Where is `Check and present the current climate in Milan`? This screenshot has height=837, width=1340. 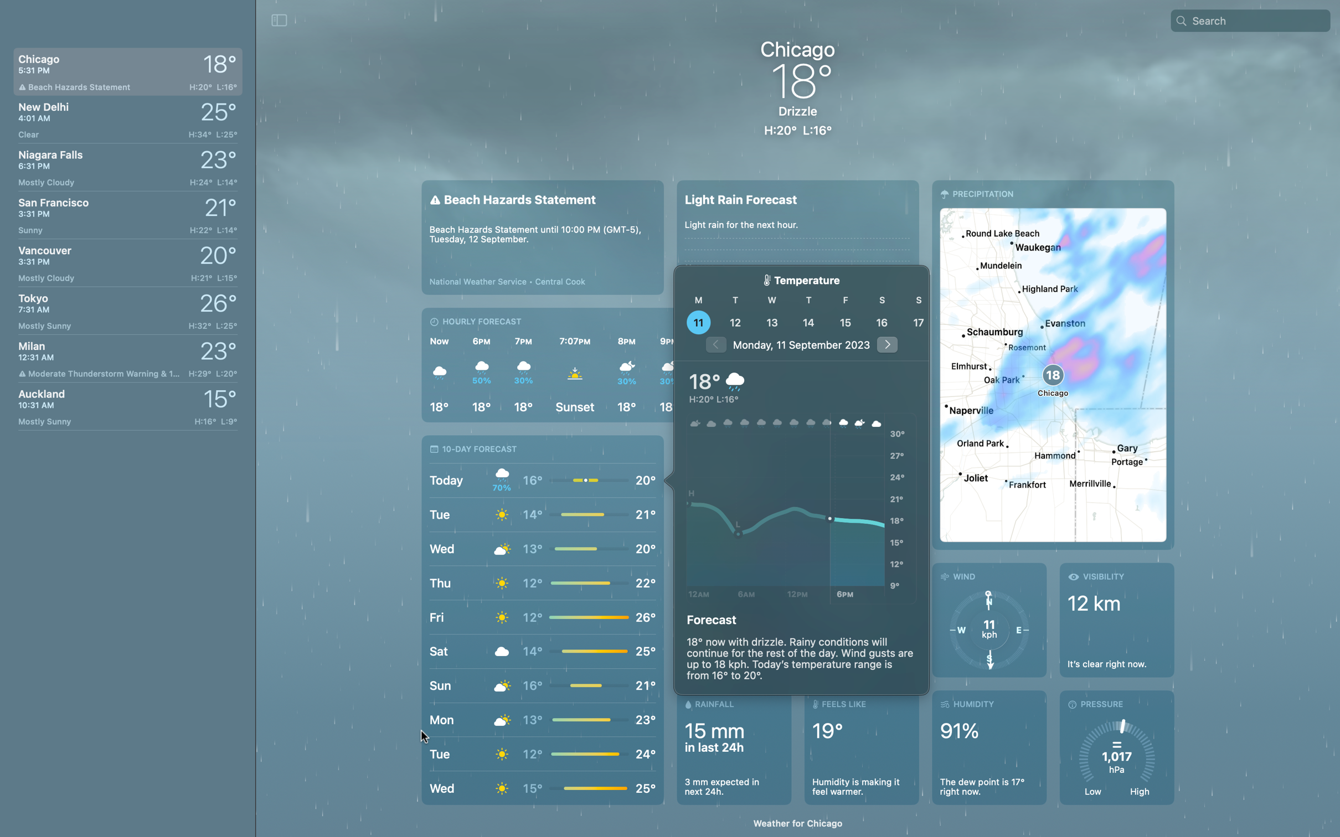
Check and present the current climate in Milan is located at coordinates (126, 358).